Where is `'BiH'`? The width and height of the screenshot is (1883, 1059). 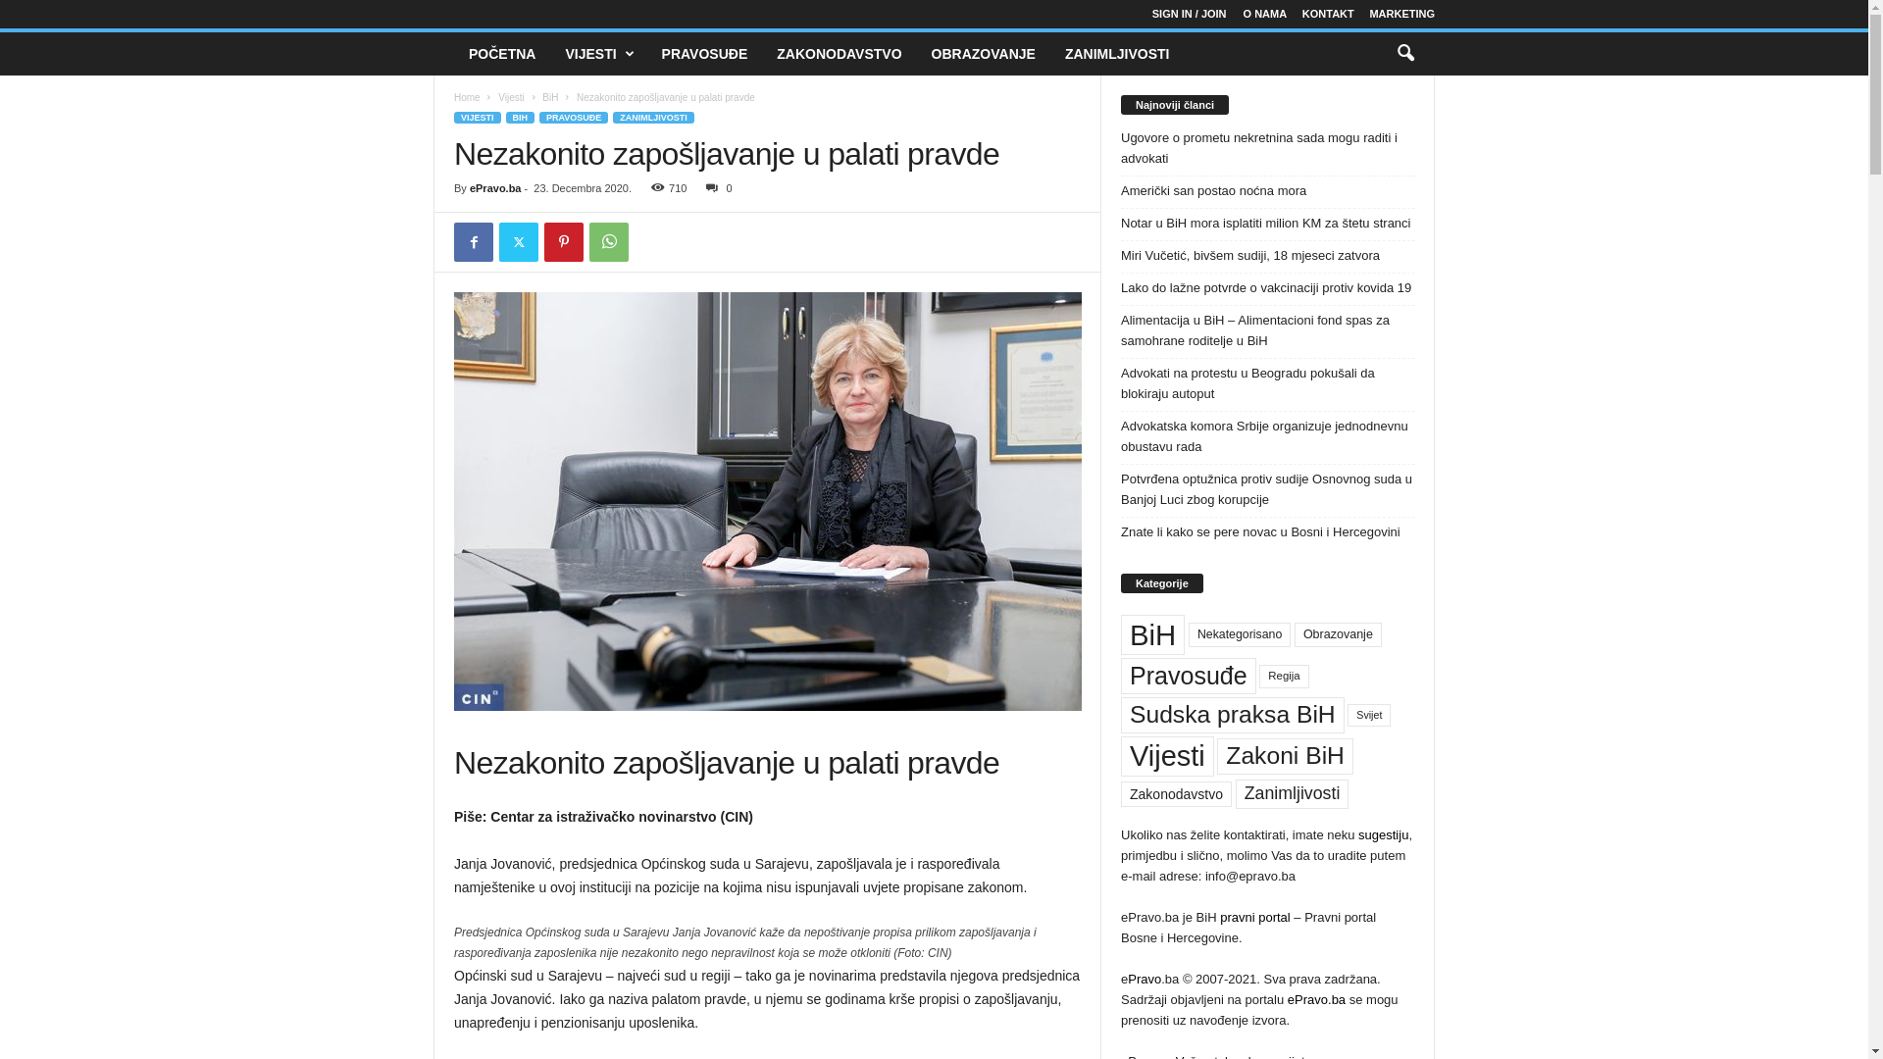
'BiH' is located at coordinates (541, 97).